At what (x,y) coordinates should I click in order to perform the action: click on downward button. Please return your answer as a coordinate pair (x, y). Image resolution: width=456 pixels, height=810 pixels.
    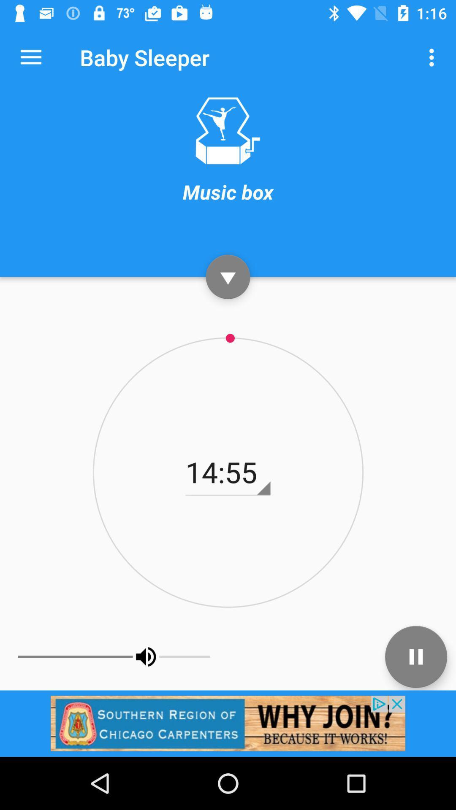
    Looking at the image, I should click on (228, 277).